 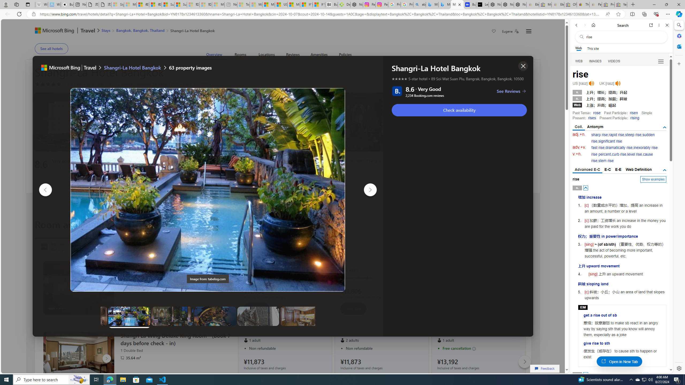 What do you see at coordinates (344, 4) in the screenshot?
I see `'Descarga Driver Updater'` at bounding box center [344, 4].